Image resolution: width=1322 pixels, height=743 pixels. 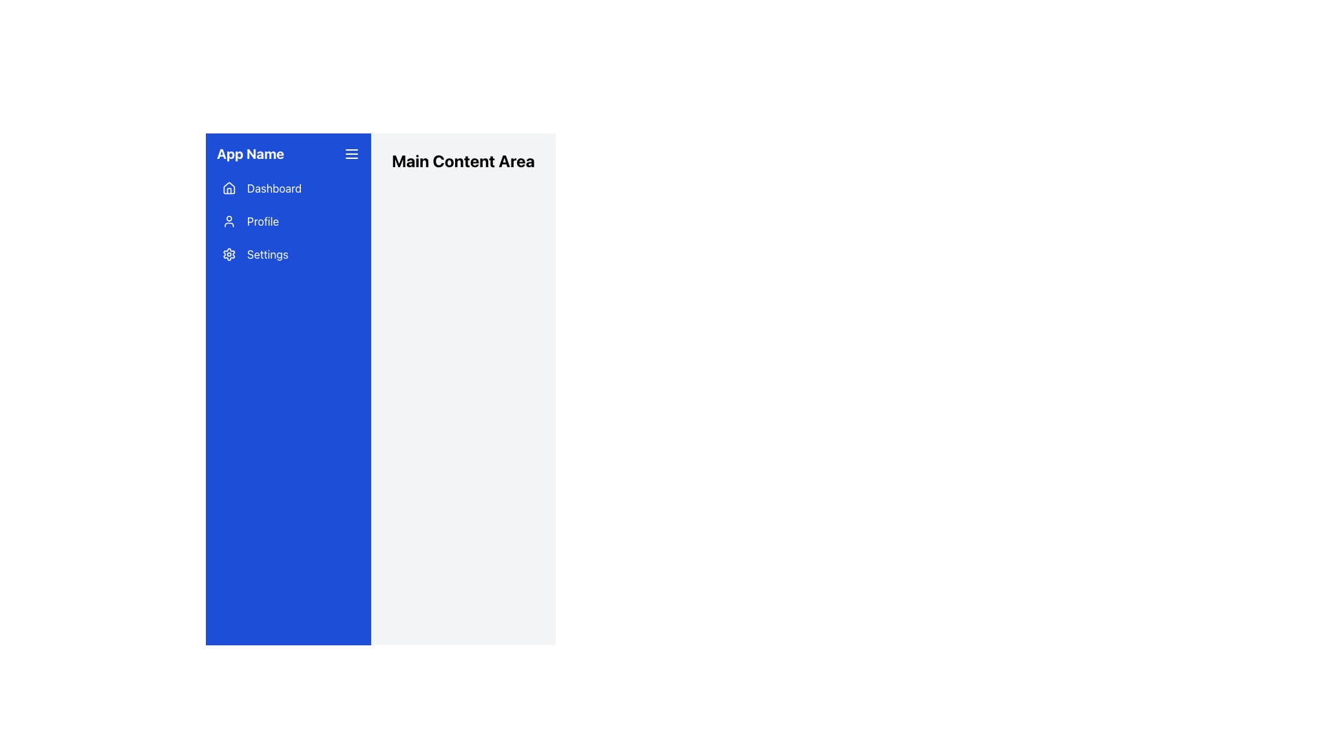 What do you see at coordinates (229, 188) in the screenshot?
I see `the house icon located in the first menu item of the sidebar labeled 'Dashboard'` at bounding box center [229, 188].